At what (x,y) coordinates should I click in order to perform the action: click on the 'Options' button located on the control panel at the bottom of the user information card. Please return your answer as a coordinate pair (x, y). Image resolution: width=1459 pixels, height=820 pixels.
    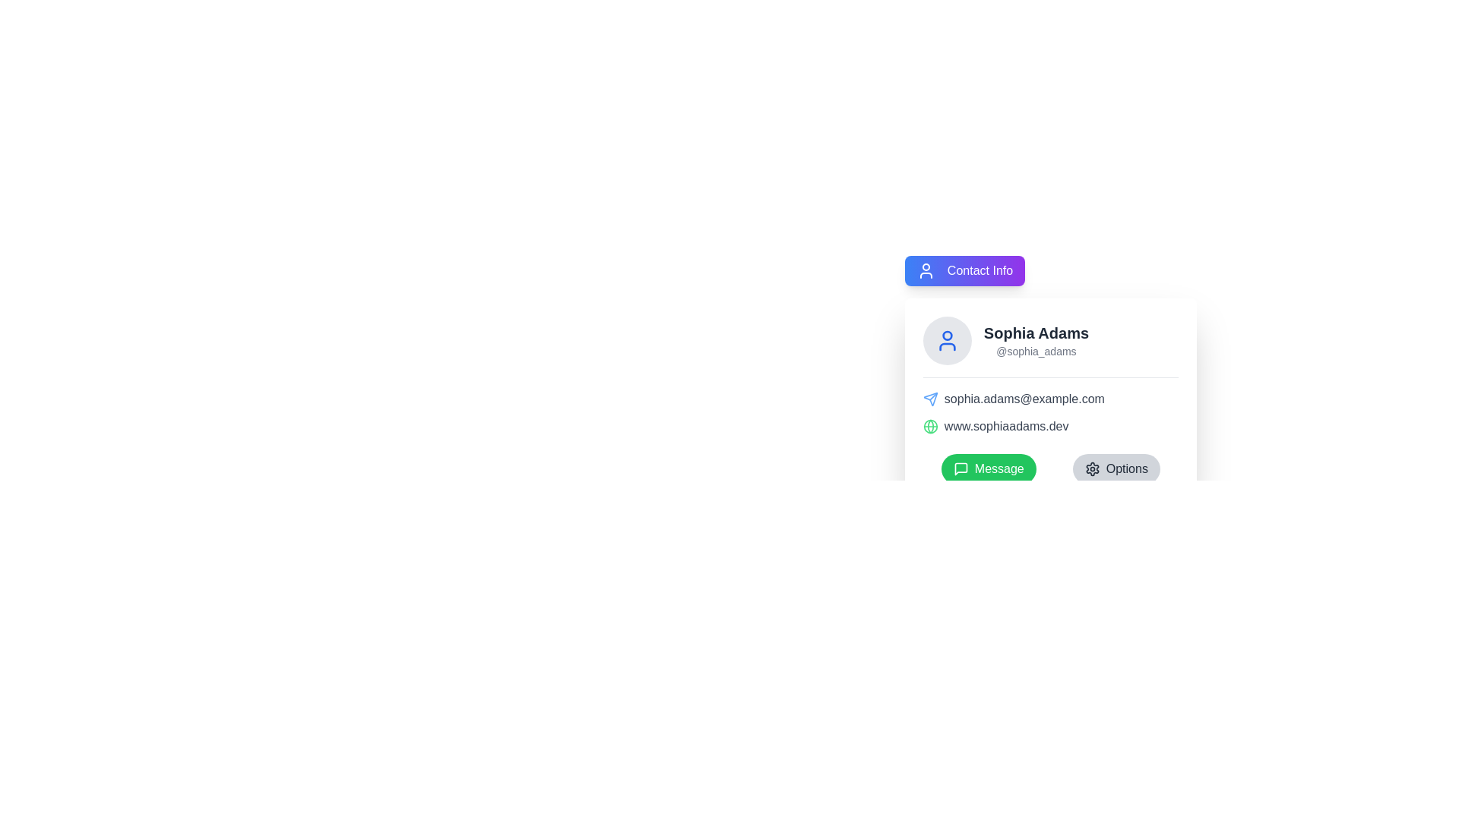
    Looking at the image, I should click on (1049, 468).